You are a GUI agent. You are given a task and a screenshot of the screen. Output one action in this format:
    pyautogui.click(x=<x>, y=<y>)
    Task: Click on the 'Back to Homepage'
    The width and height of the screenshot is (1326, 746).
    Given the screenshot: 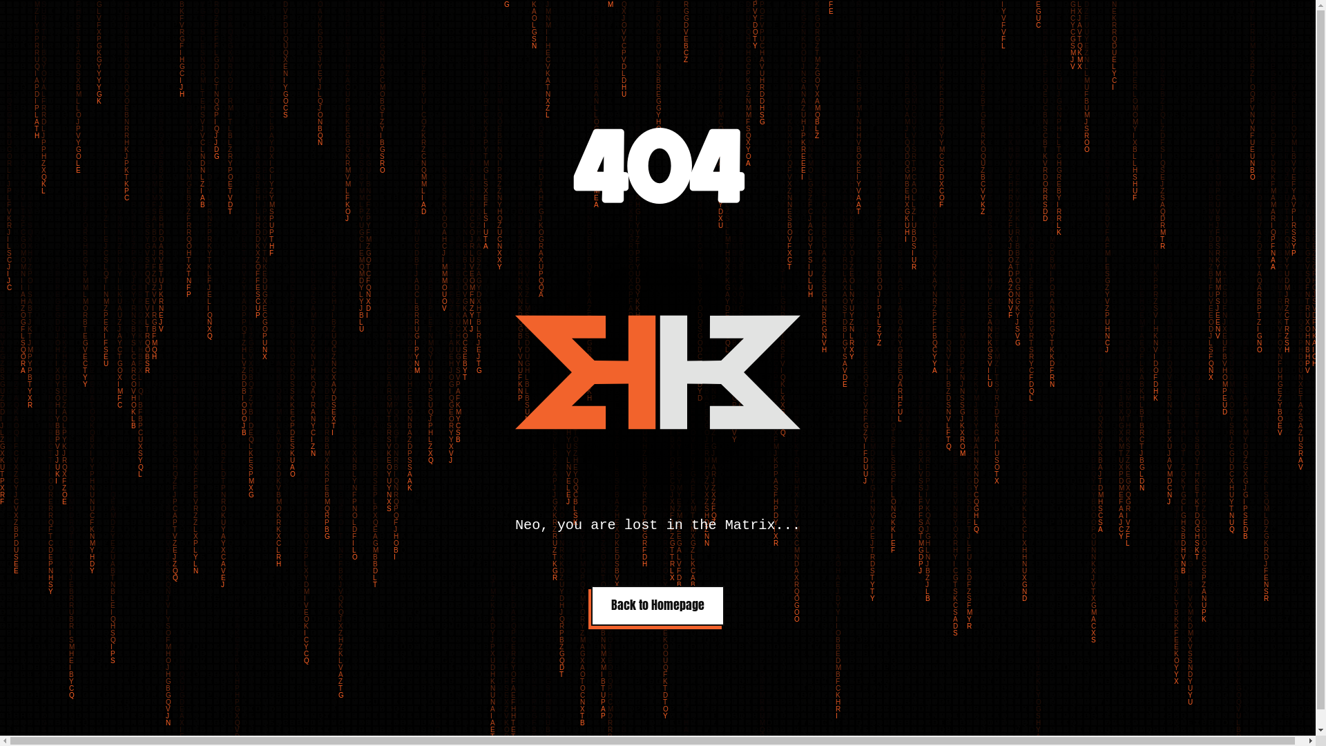 What is the action you would take?
    pyautogui.click(x=657, y=604)
    